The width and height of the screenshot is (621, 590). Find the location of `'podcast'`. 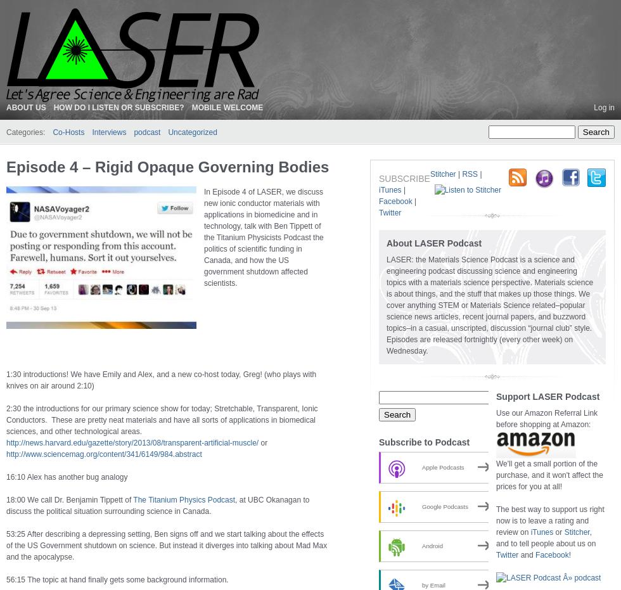

'podcast' is located at coordinates (146, 132).